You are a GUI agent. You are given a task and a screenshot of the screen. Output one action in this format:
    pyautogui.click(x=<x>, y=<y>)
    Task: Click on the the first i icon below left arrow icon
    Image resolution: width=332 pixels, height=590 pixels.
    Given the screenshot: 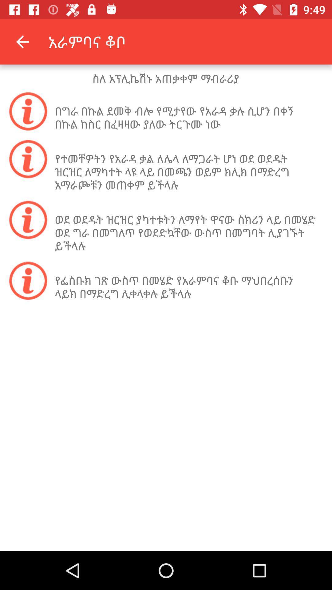 What is the action you would take?
    pyautogui.click(x=28, y=111)
    